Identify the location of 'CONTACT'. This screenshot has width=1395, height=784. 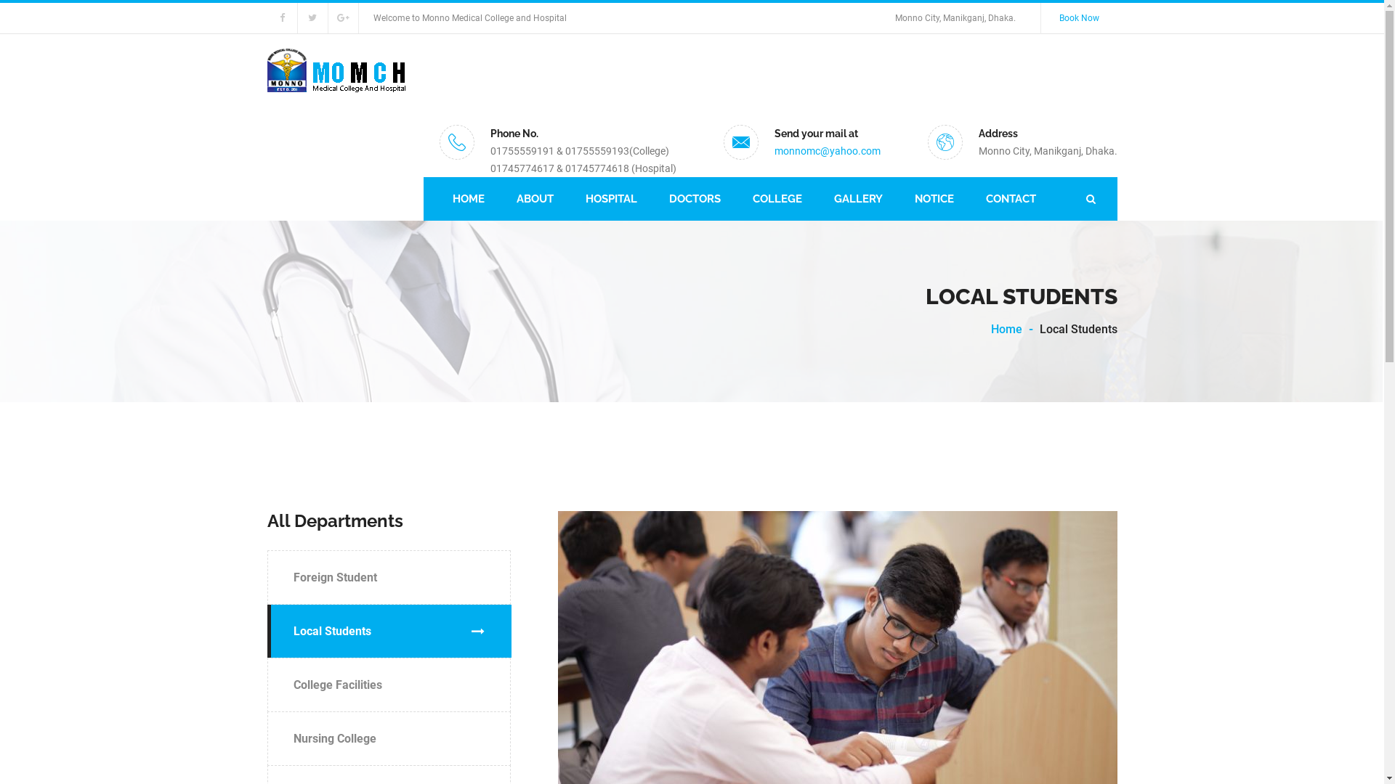
(1009, 198).